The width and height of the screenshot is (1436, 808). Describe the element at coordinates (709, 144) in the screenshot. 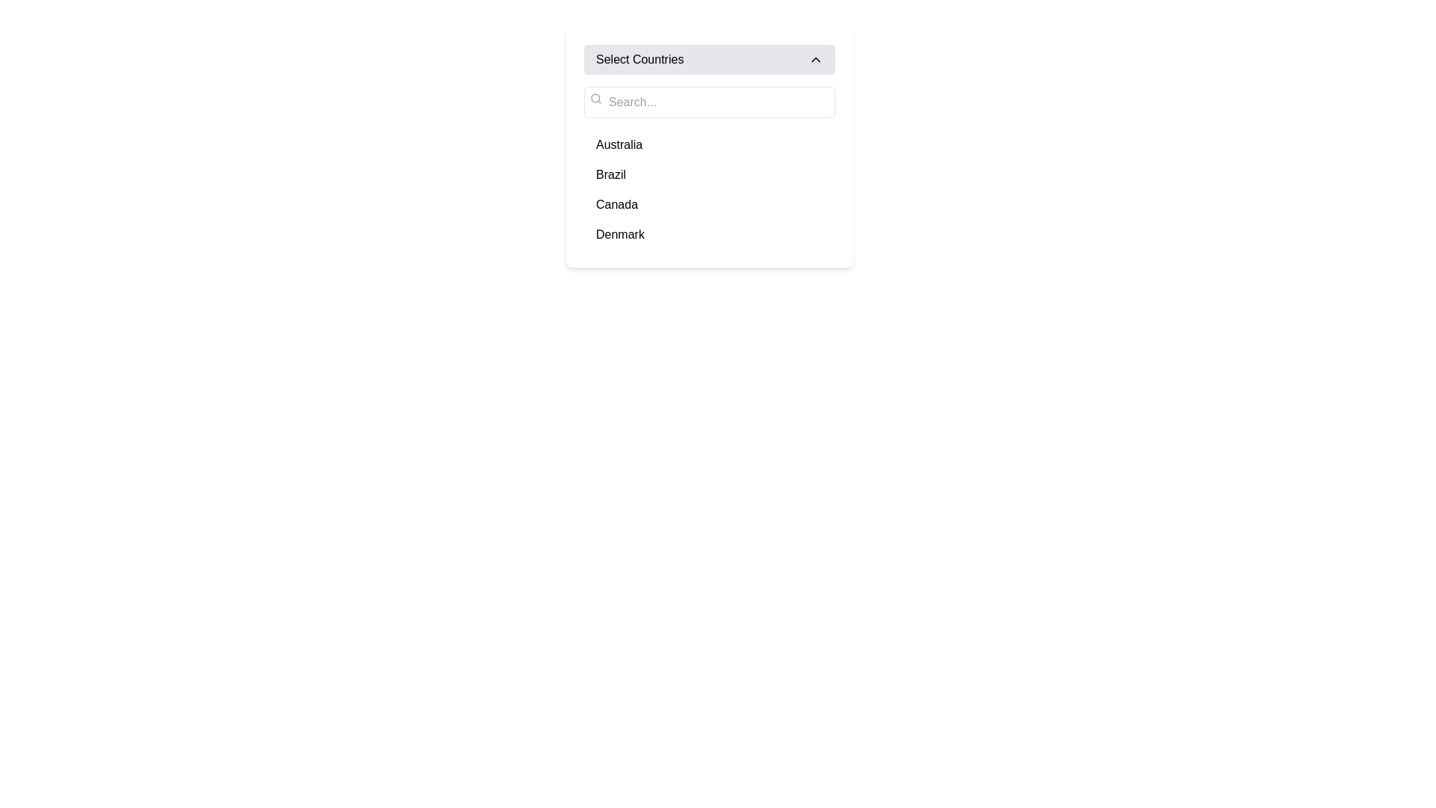

I see `the first item in the dropdown menu for selecting 'Australia'` at that location.